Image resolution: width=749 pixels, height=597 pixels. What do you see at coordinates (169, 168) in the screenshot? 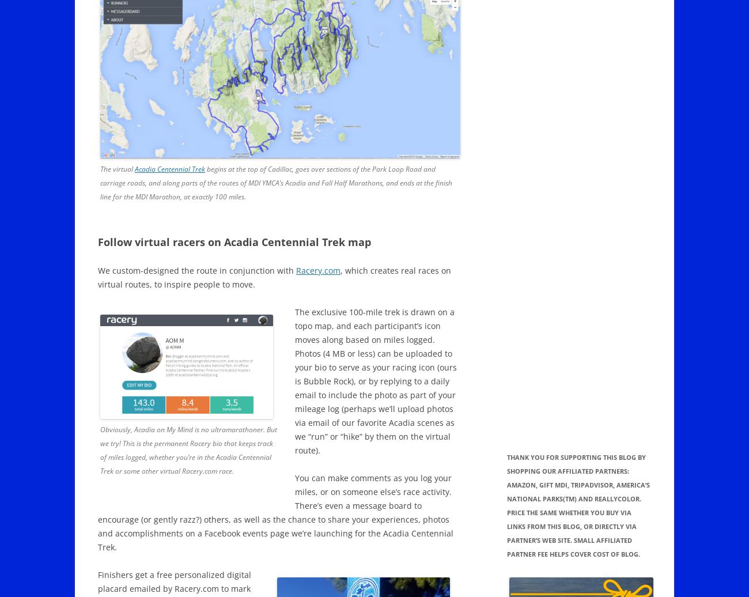
I see `'Acadia Centennial Trek'` at bounding box center [169, 168].